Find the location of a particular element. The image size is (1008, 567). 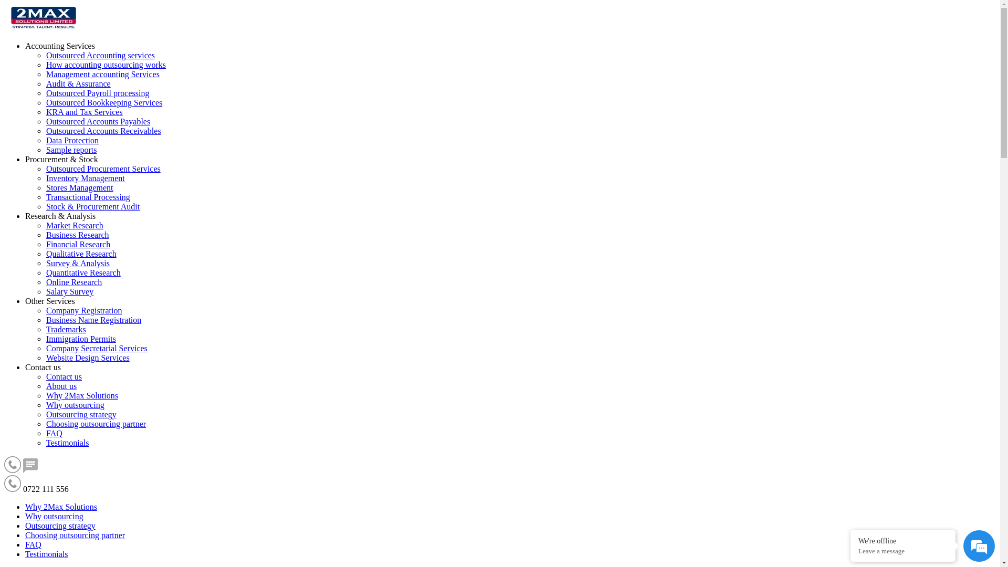

'Outsourced Procurement Services' is located at coordinates (45, 168).